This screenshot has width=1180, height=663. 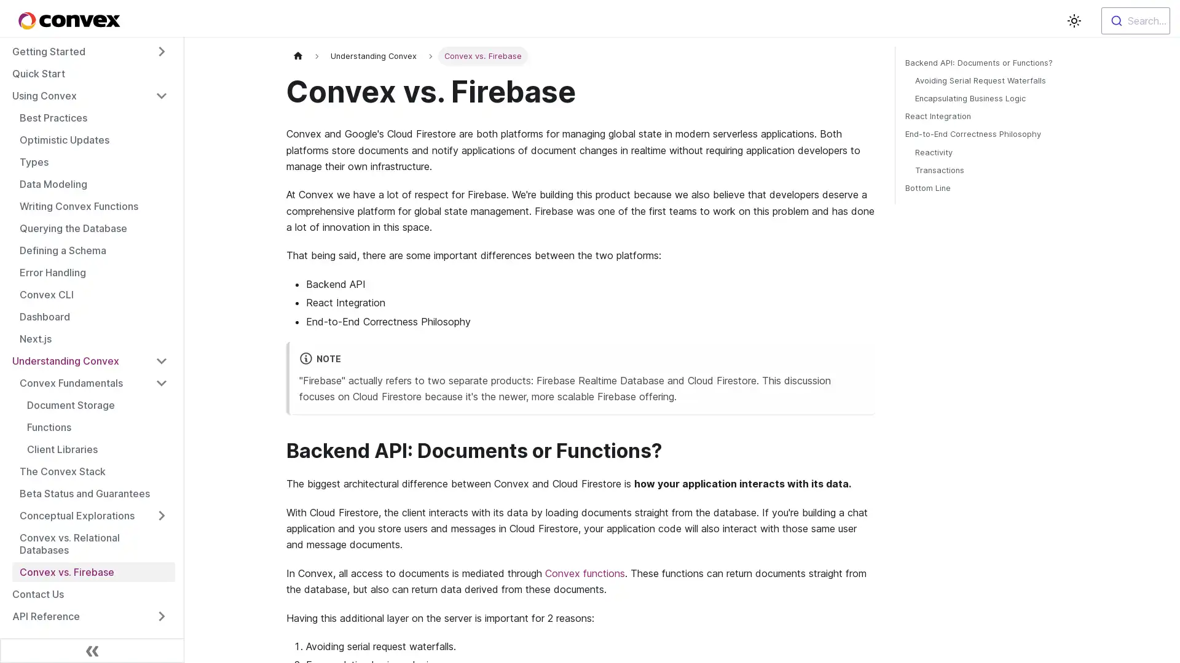 What do you see at coordinates (1135, 21) in the screenshot?
I see `Search...` at bounding box center [1135, 21].